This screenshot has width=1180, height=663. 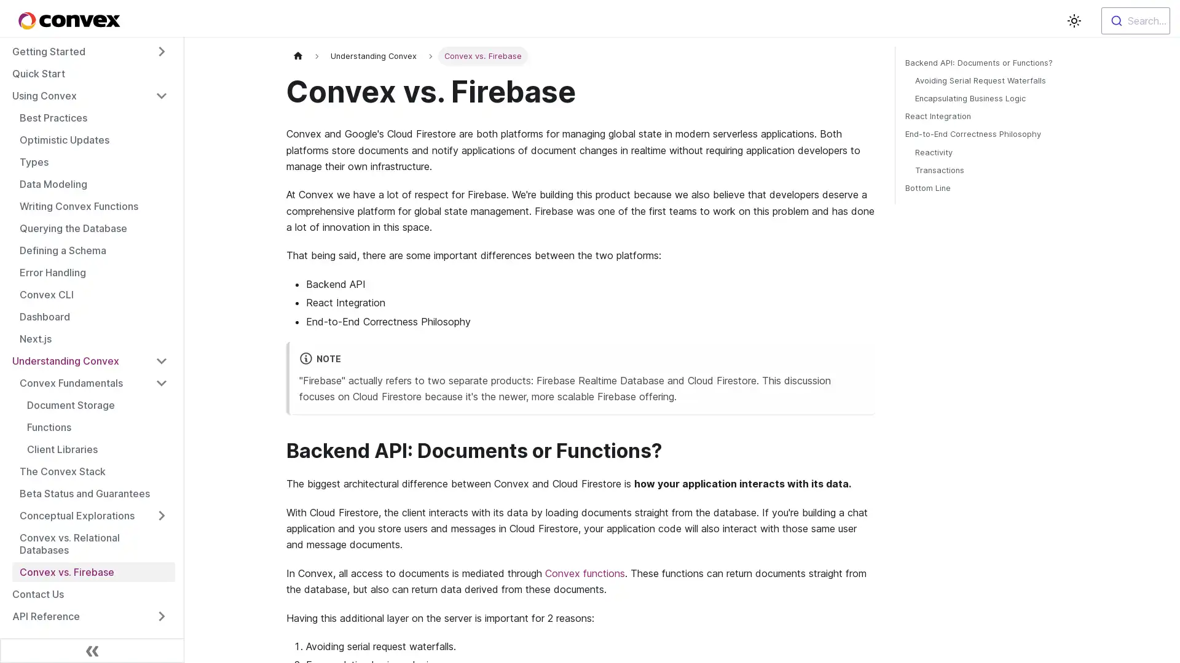 What do you see at coordinates (1135, 21) in the screenshot?
I see `Search...` at bounding box center [1135, 21].